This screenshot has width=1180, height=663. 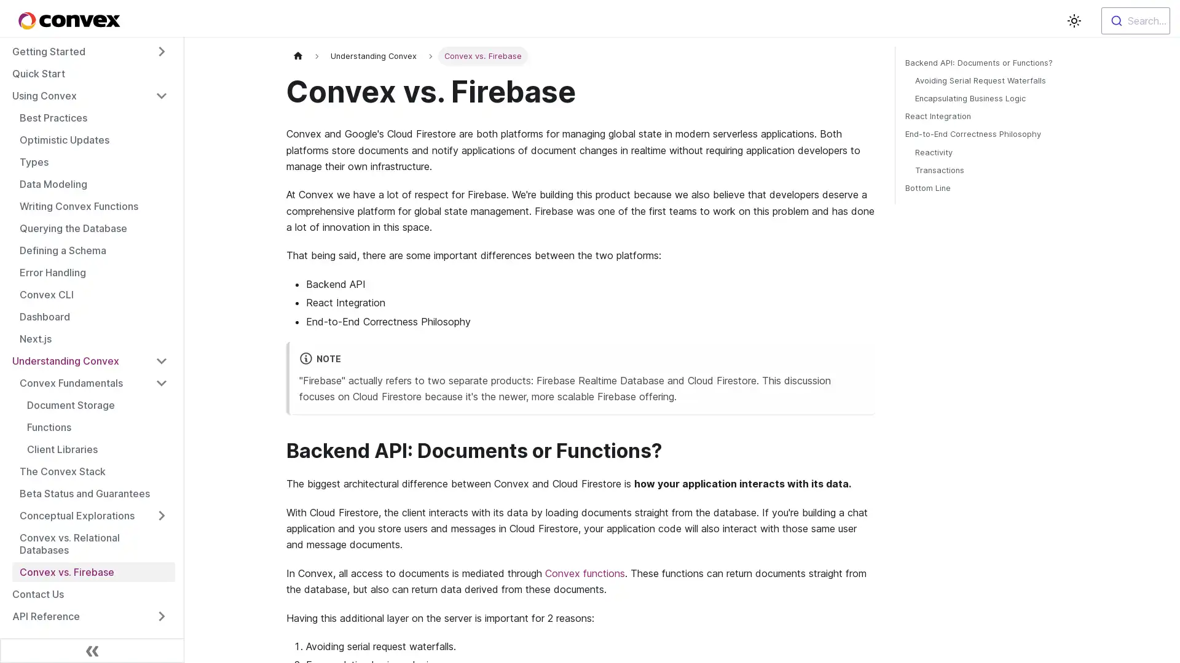 What do you see at coordinates (1135, 21) in the screenshot?
I see `Search...` at bounding box center [1135, 21].